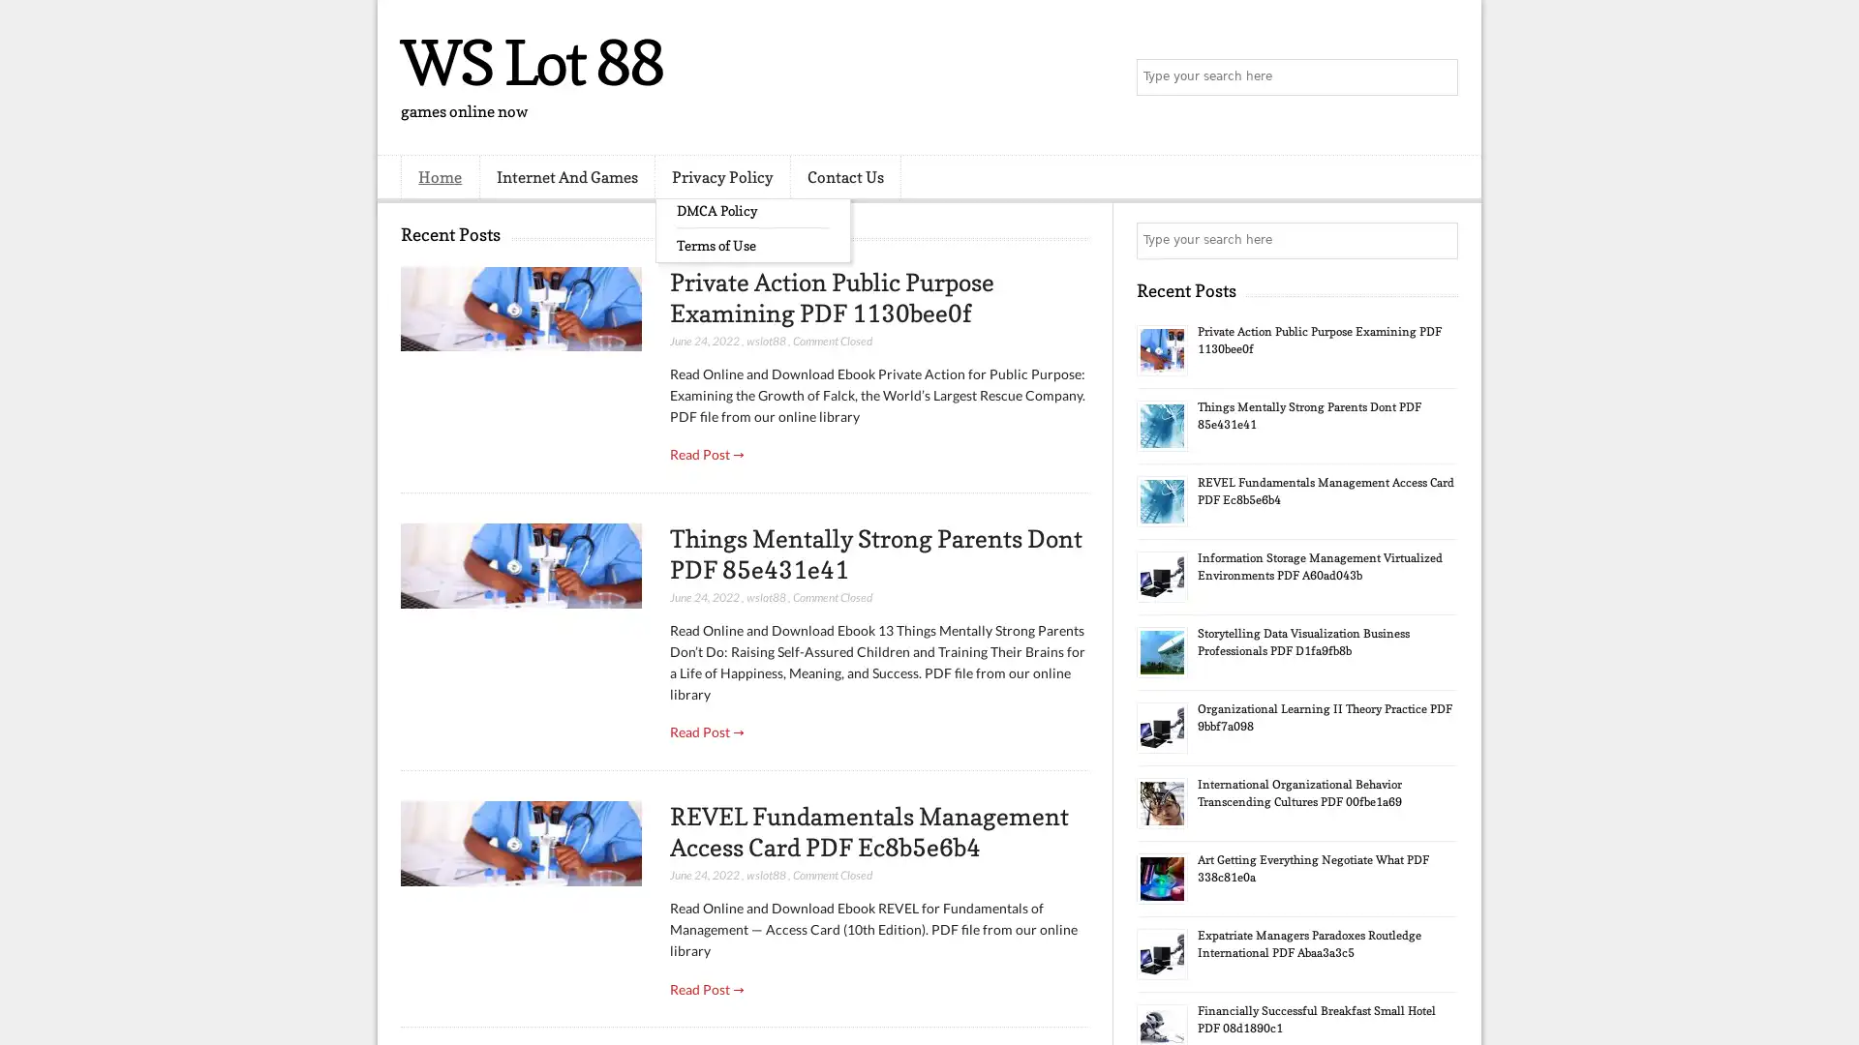  Describe the element at coordinates (1438, 77) in the screenshot. I see `Search` at that location.